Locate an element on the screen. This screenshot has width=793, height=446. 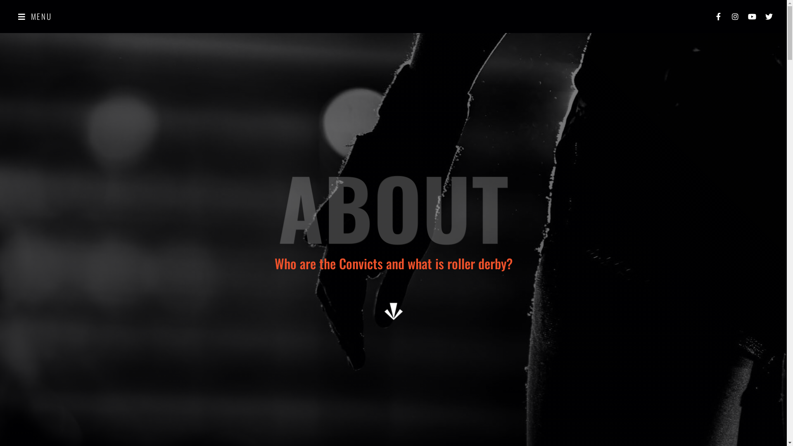
'MENU' is located at coordinates (35, 16).